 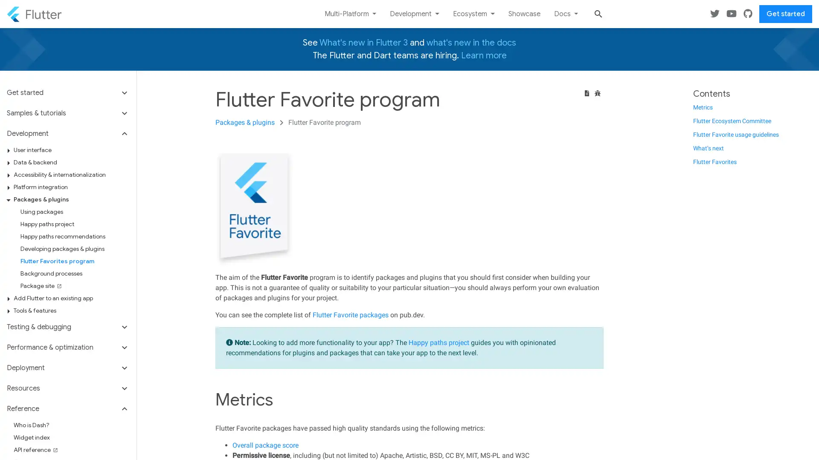 What do you see at coordinates (67, 326) in the screenshot?
I see `Testing & debugging keyboard_arrow_down` at bounding box center [67, 326].